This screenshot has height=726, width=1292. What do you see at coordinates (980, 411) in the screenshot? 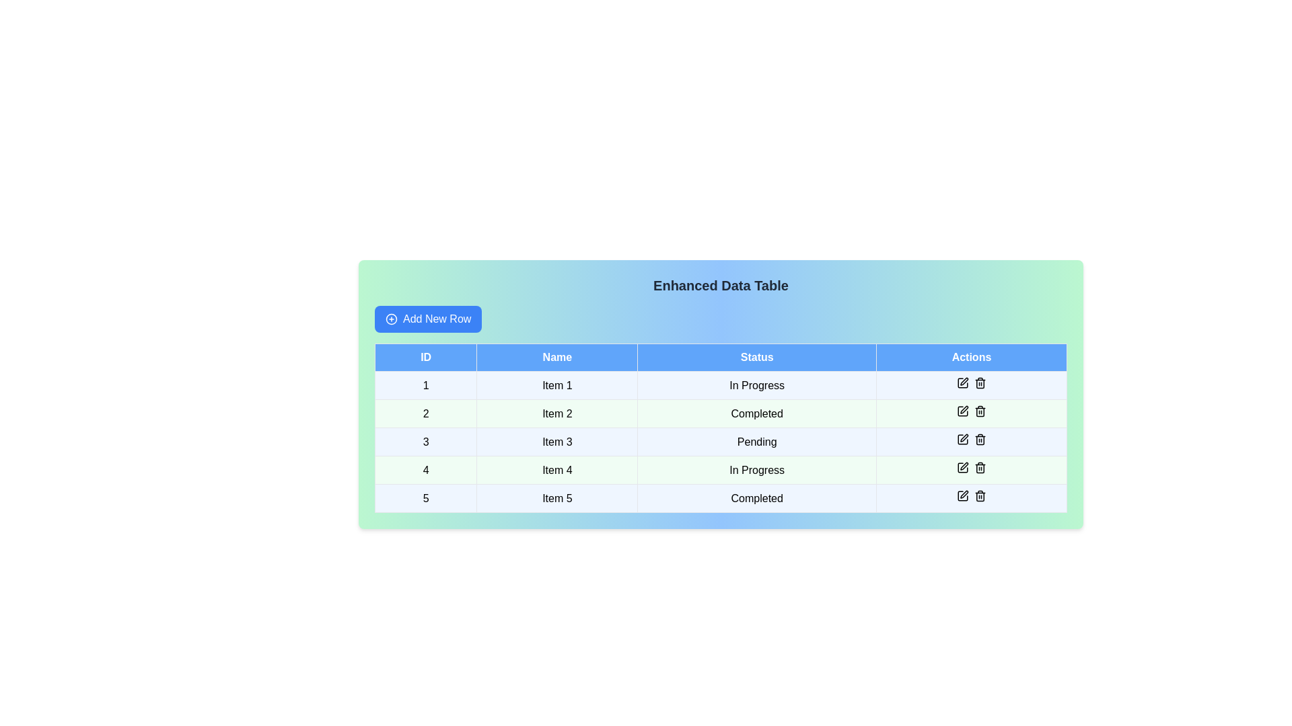
I see `the trash can icon in the action column for row 2 of the data table` at bounding box center [980, 411].